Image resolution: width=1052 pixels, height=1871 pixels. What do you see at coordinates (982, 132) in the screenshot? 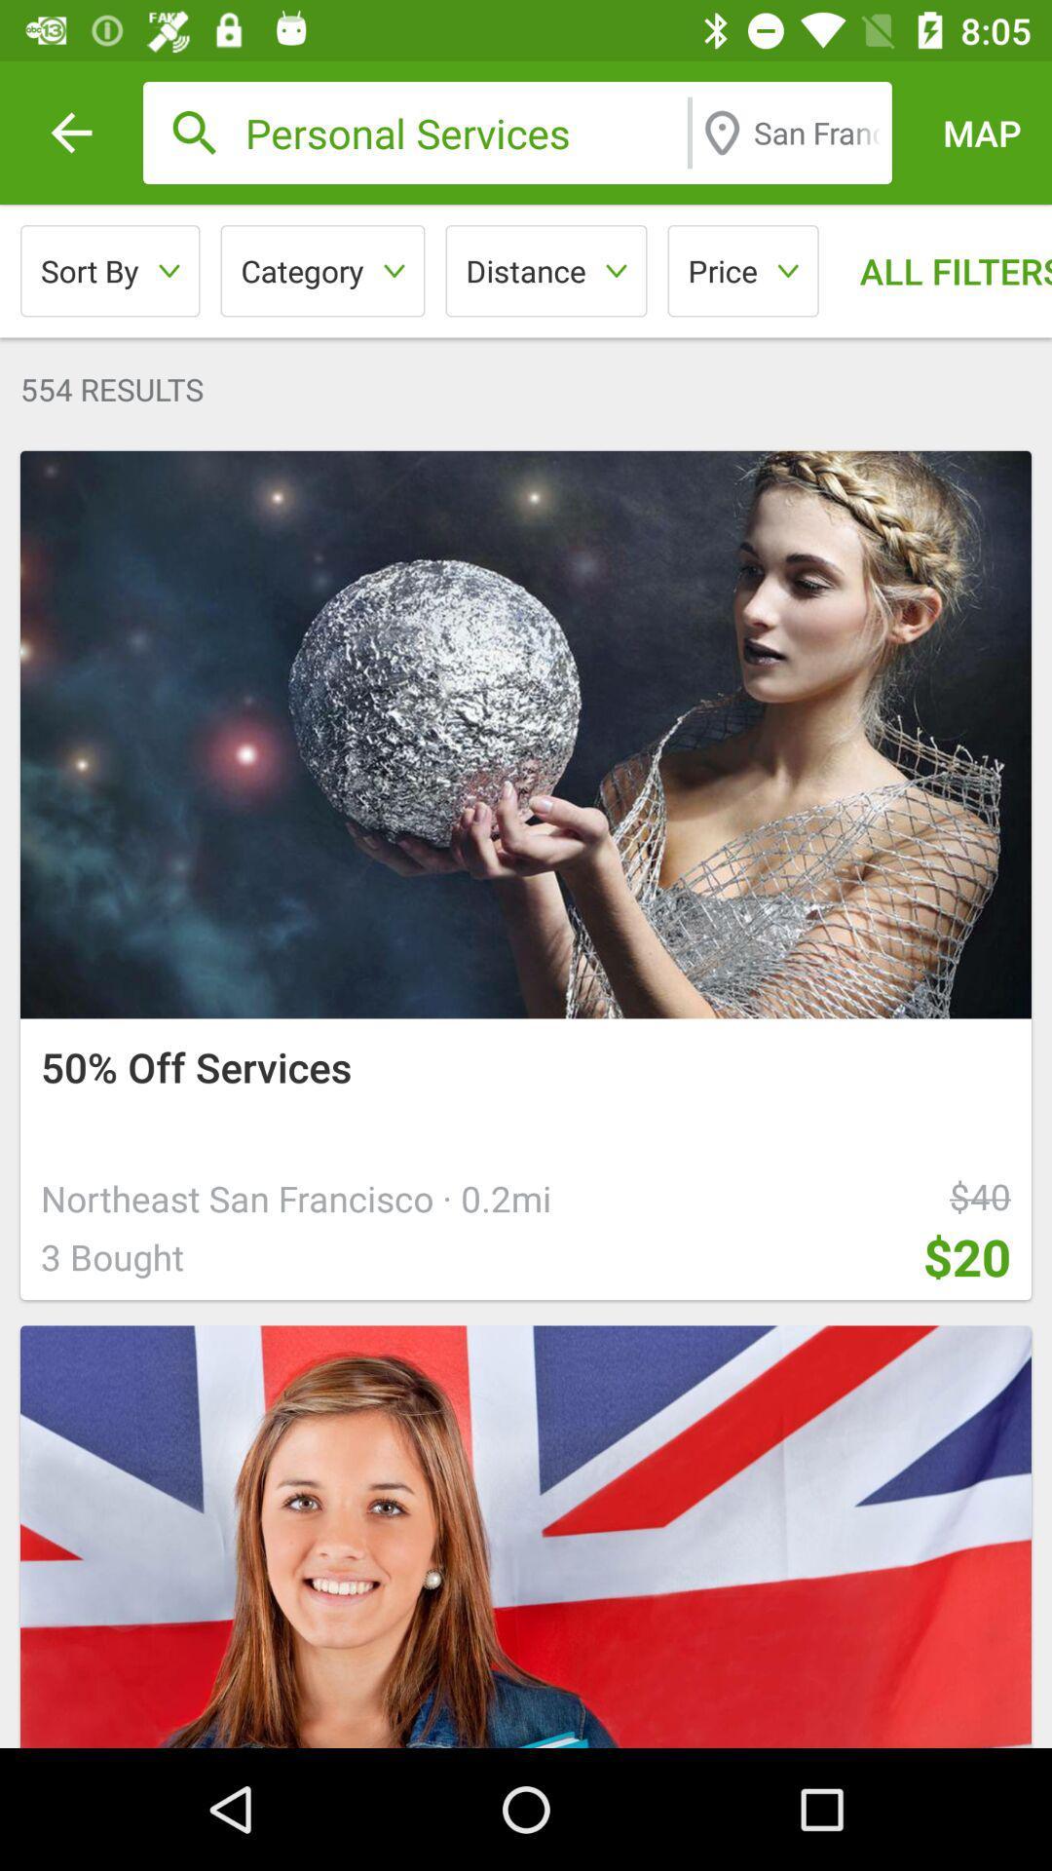
I see `icon above all filters icon` at bounding box center [982, 132].